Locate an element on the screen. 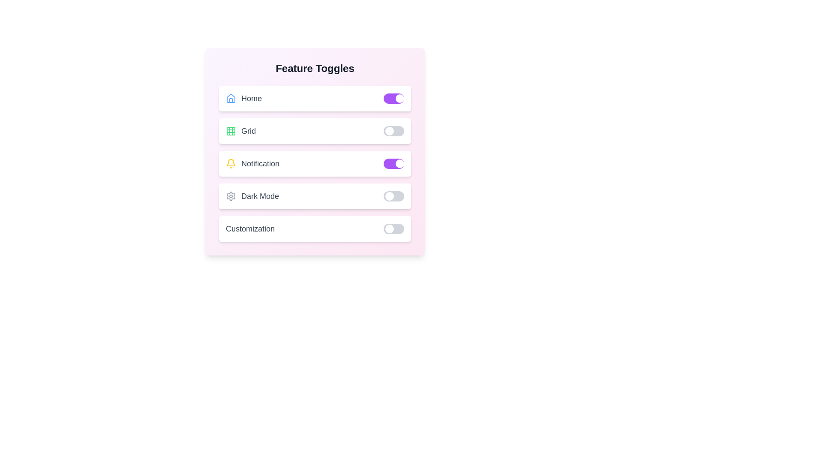 This screenshot has height=463, width=823. the heading text element that indicates the content or functionality provided in this area is located at coordinates (314, 68).